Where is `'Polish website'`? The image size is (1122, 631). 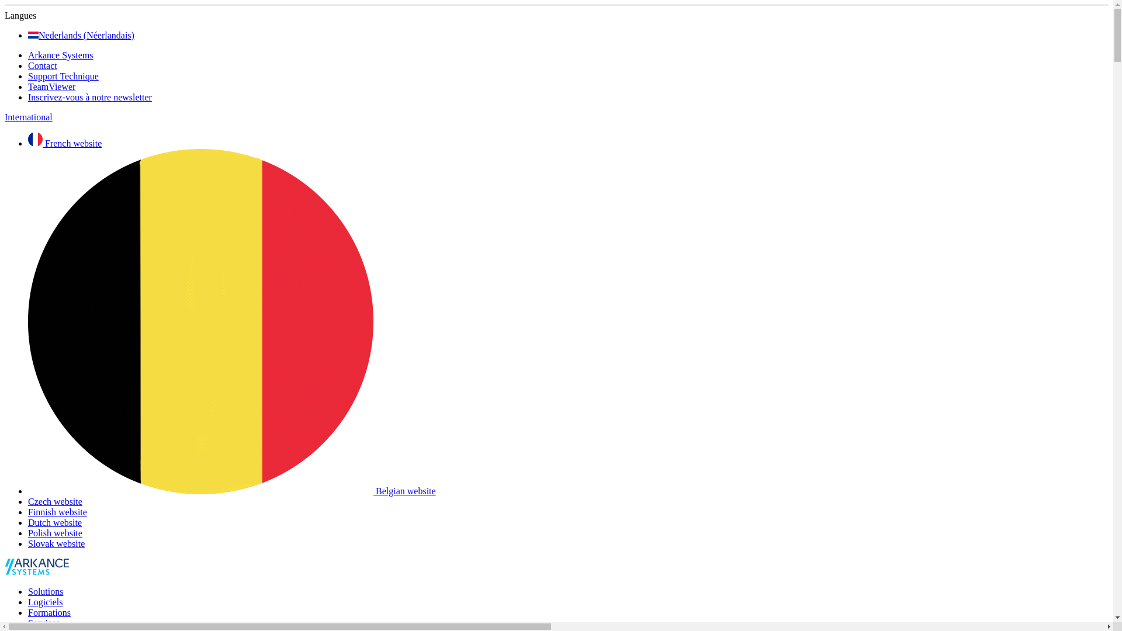
'Polish website' is located at coordinates (54, 533).